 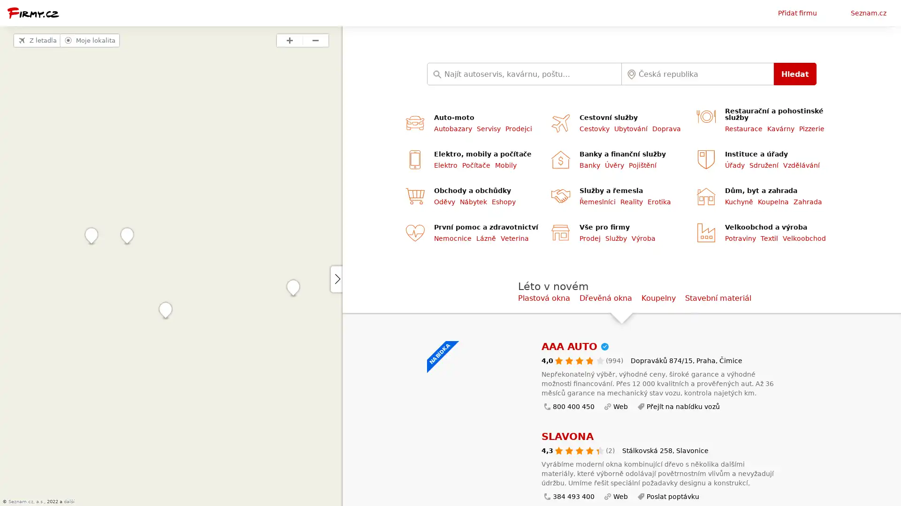 I want to click on Moje lokalita, so click(x=90, y=63).